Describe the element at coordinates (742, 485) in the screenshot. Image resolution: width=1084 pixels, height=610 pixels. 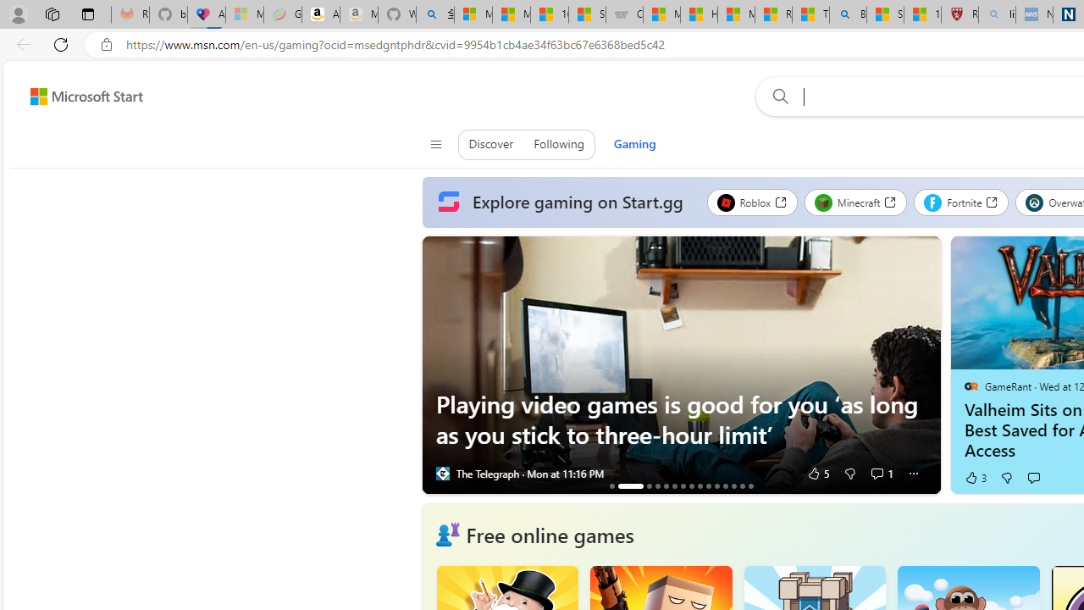
I see `'AutomationID: tab_nativead-infopane-14'` at that location.